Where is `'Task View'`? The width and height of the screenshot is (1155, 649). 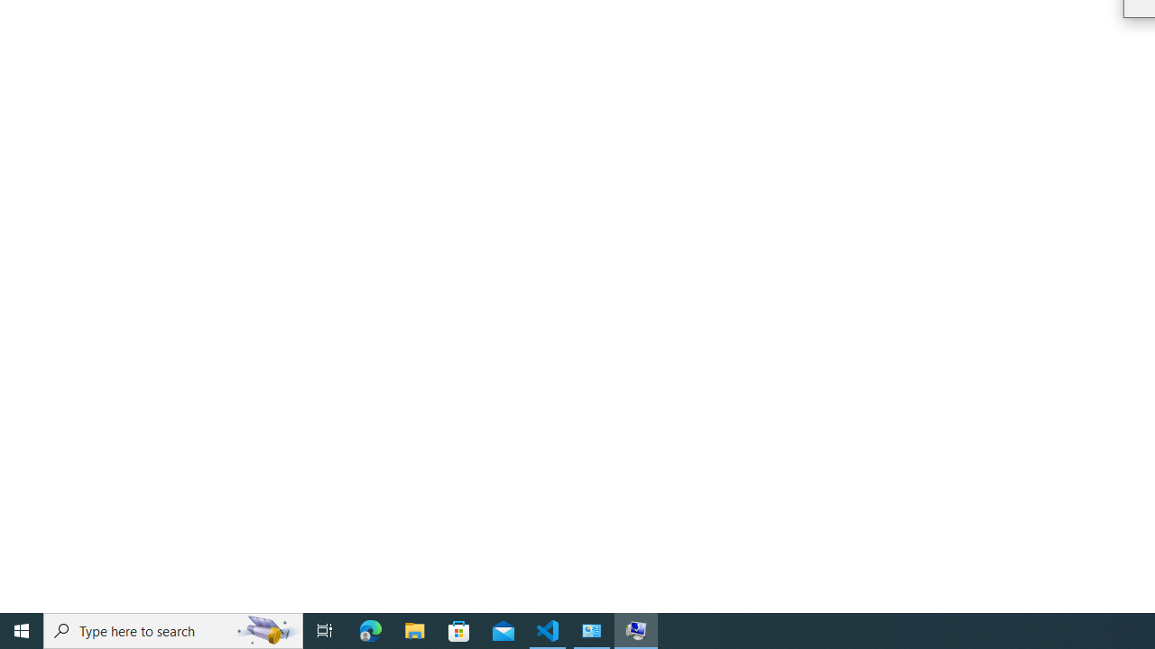 'Task View' is located at coordinates (324, 629).